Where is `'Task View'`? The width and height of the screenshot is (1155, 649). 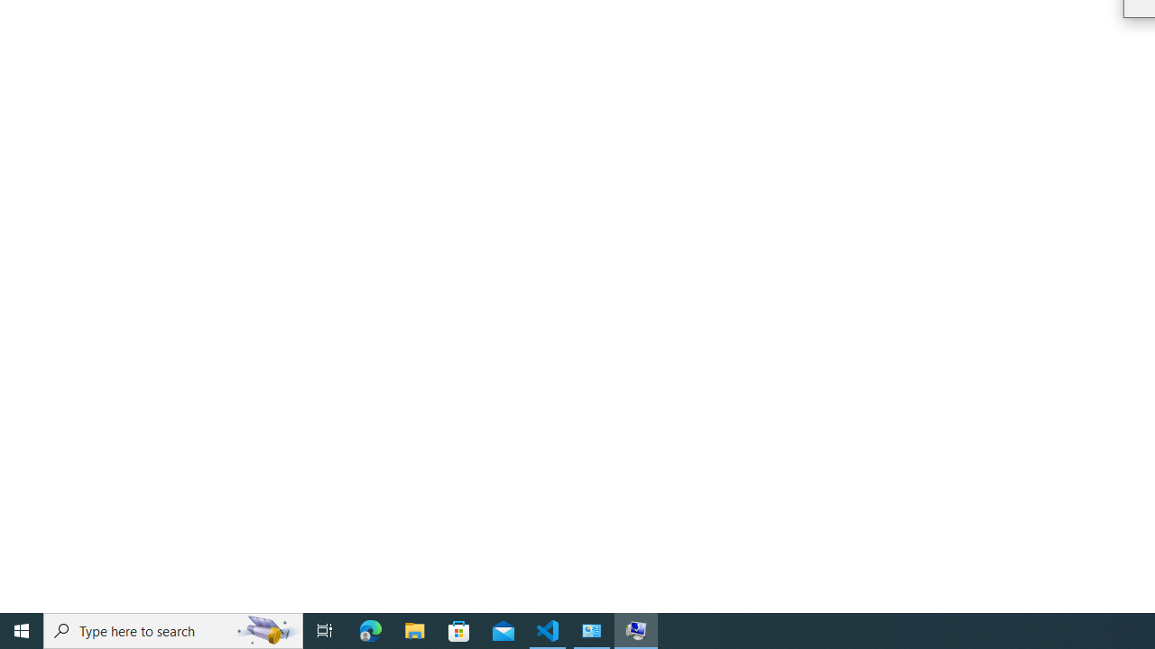 'Task View' is located at coordinates (324, 629).